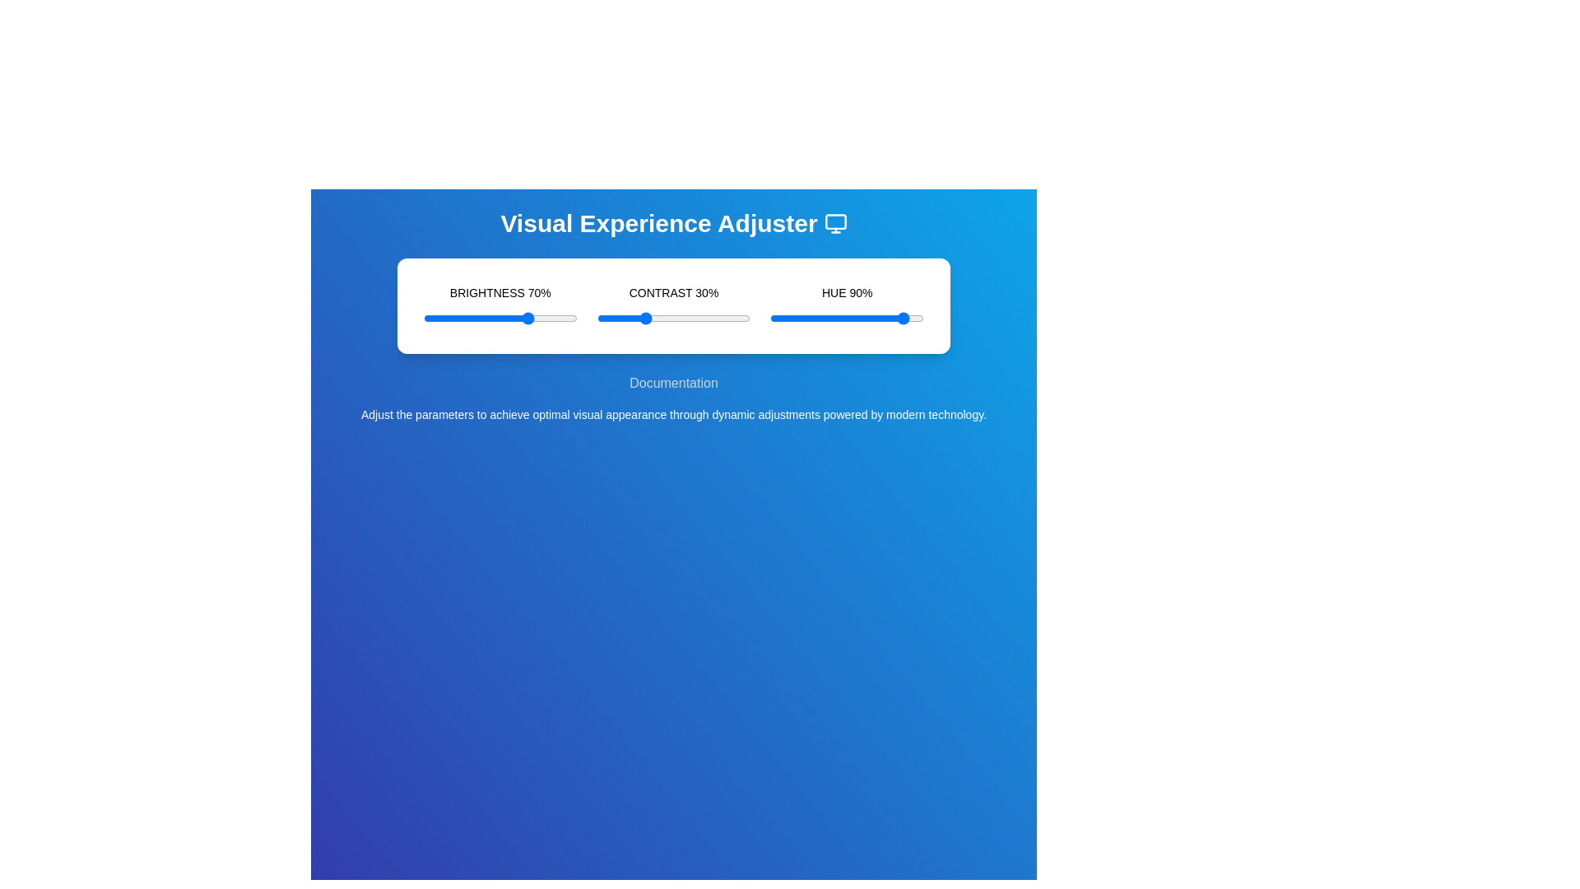 The width and height of the screenshot is (1580, 889). I want to click on the contrast slider to set the contrast level to 63, so click(694, 318).